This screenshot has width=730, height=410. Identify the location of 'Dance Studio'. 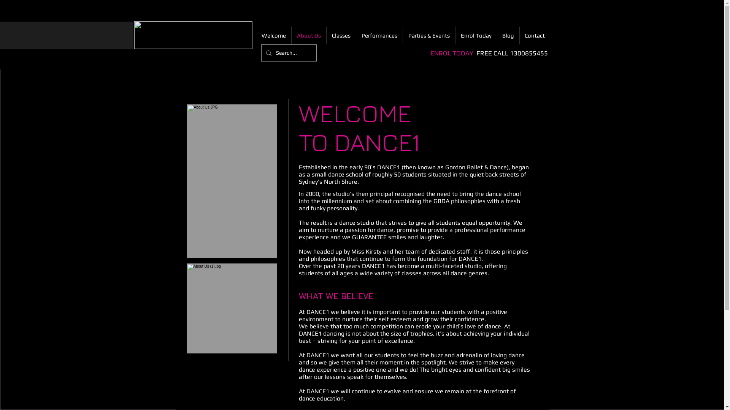
(231, 308).